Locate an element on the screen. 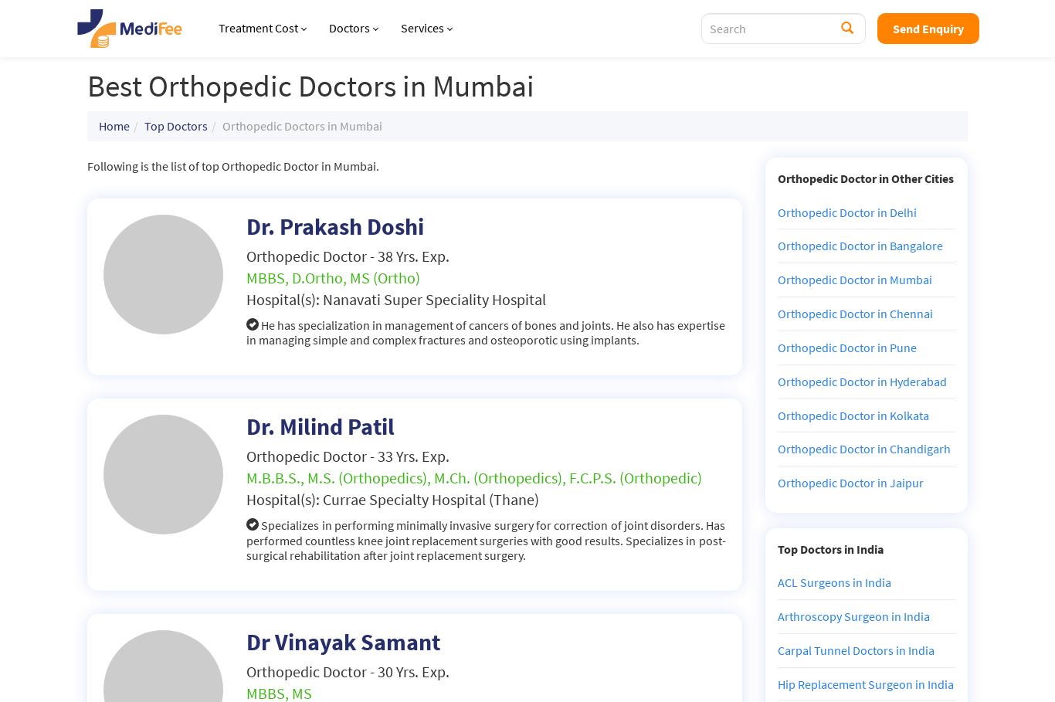 This screenshot has width=1055, height=702. 'Hospital(s):  Nanavati Super Speciality Hospital' is located at coordinates (246, 299).